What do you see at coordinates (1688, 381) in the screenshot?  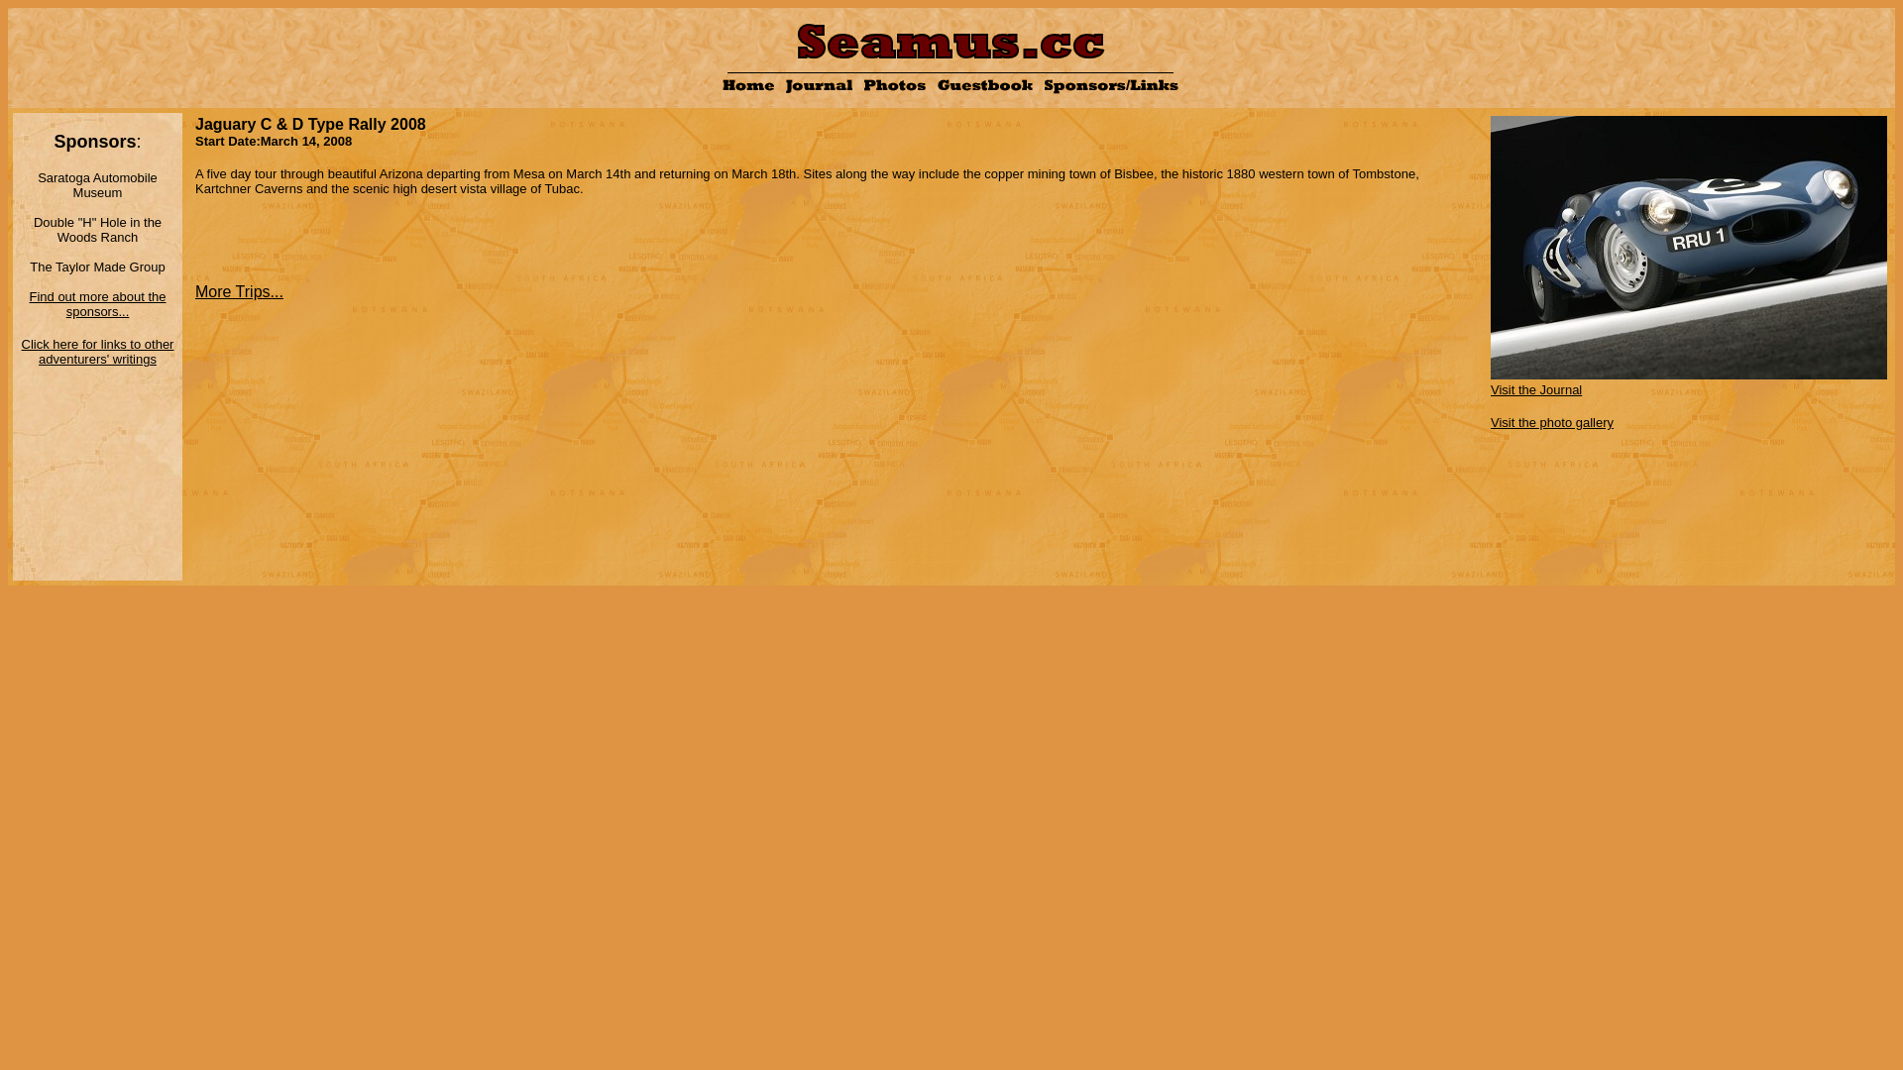 I see `'Visit the Journal'` at bounding box center [1688, 381].